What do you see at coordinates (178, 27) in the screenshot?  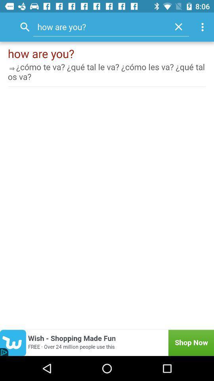 I see `the icon to the right of how are you? item` at bounding box center [178, 27].